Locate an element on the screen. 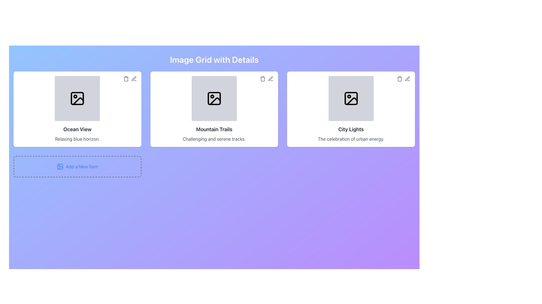  the edit icon button located in the top-right corner of the 'Ocean View' image card is located at coordinates (134, 79).